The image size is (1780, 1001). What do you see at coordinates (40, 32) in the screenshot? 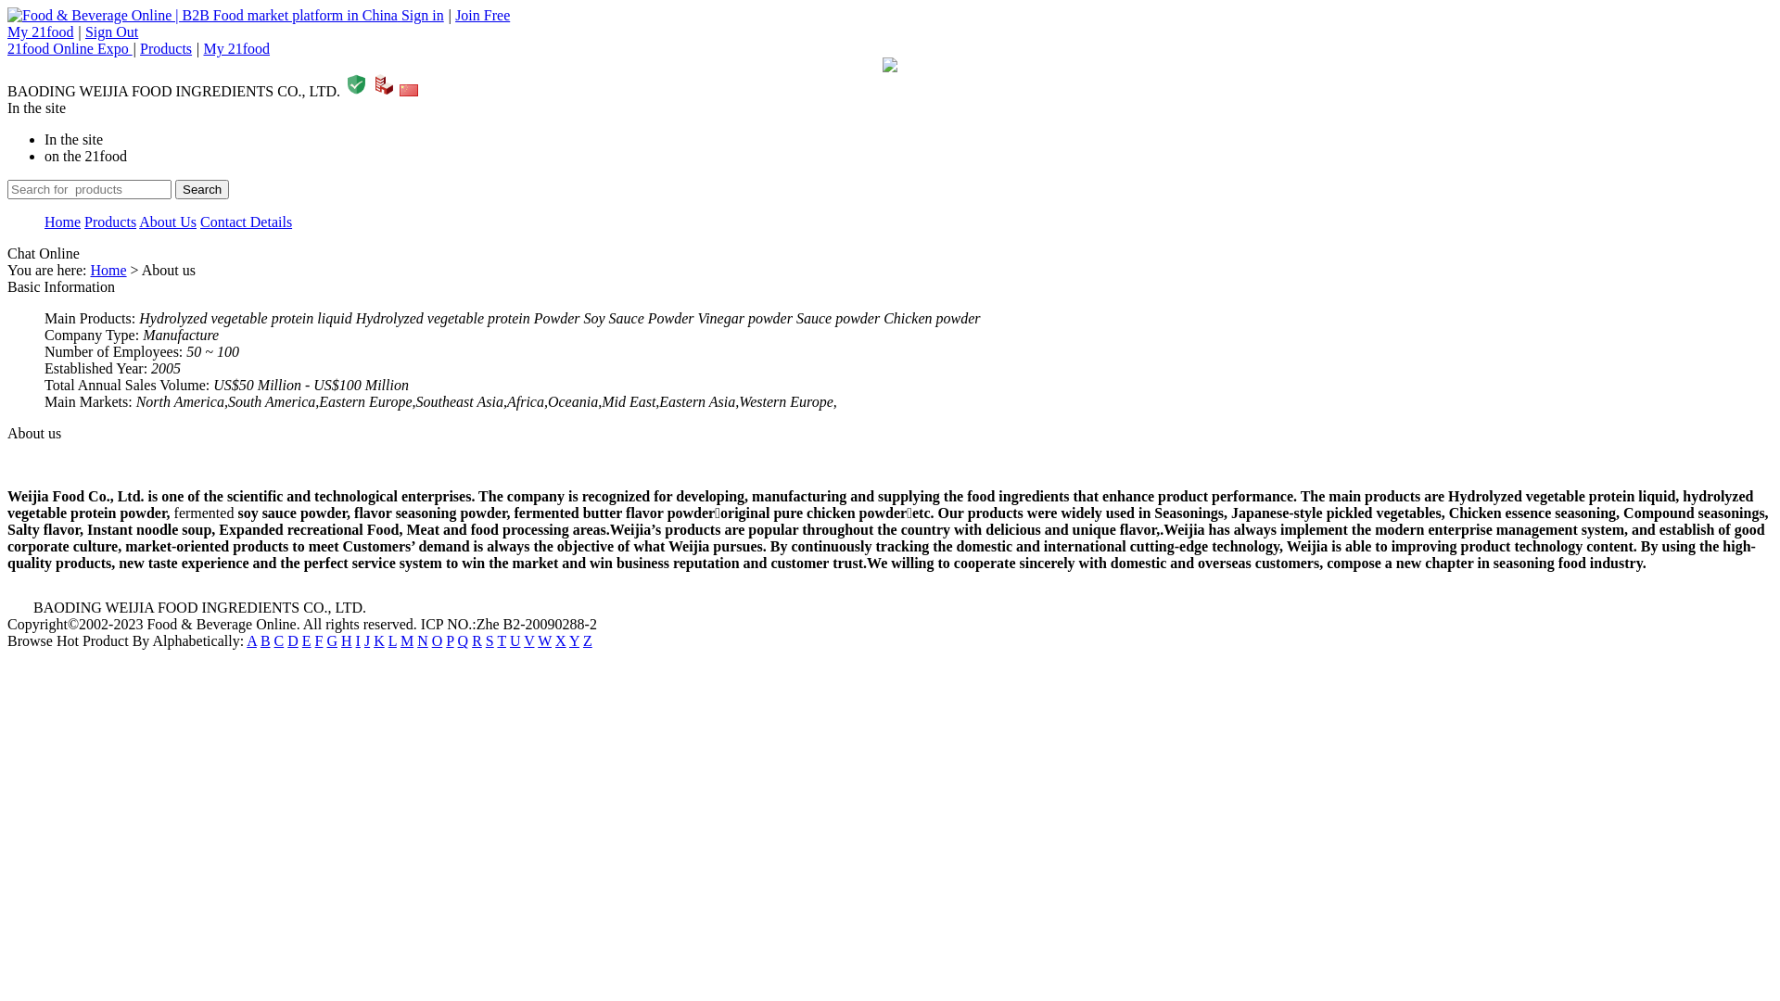
I see `'My 21food'` at bounding box center [40, 32].